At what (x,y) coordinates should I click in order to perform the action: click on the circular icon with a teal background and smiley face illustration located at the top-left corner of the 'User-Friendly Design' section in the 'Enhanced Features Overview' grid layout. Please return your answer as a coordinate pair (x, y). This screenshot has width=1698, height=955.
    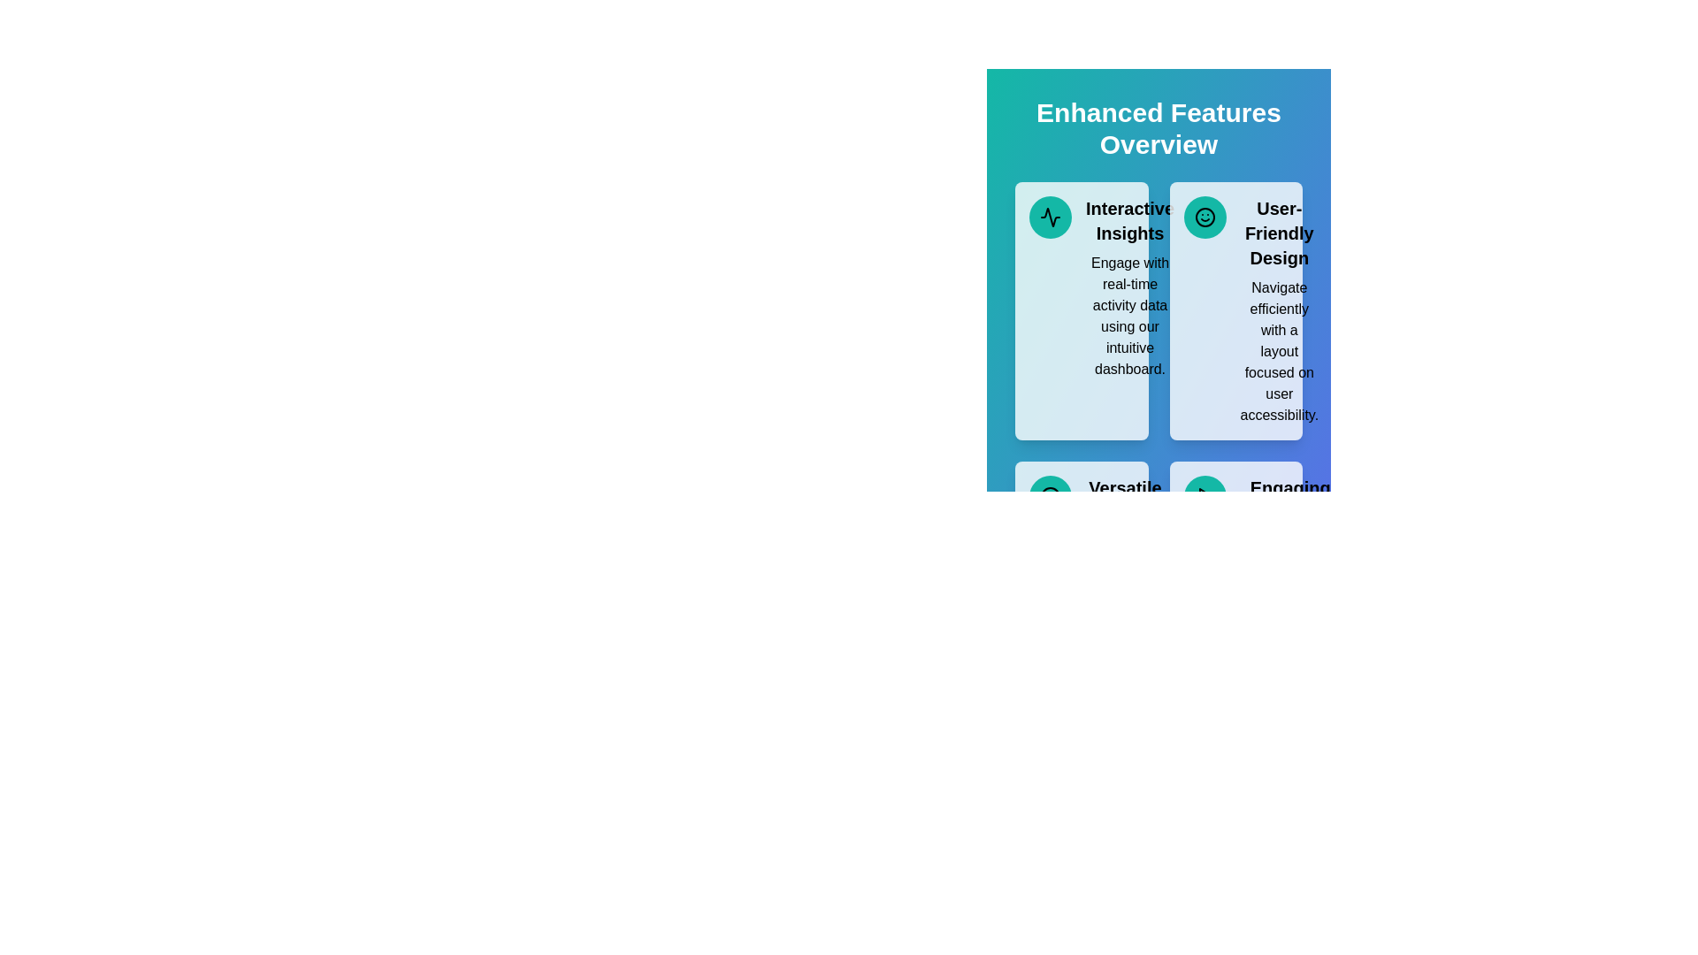
    Looking at the image, I should click on (1204, 217).